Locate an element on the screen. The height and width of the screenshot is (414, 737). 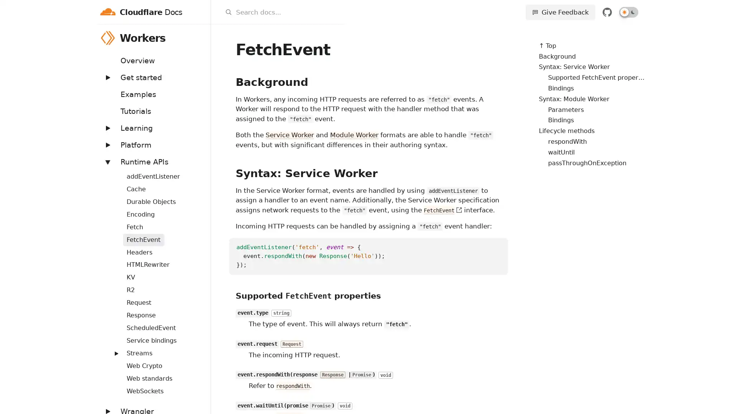
Expand: Workers Sites is located at coordinates (112, 349).